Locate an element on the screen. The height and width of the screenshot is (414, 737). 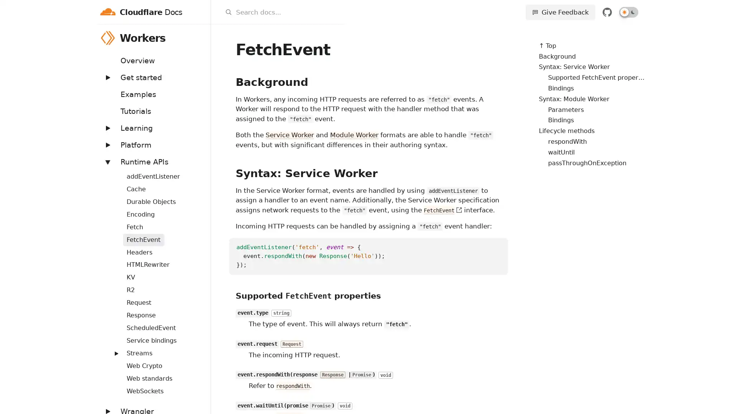
Expand: Workers Sites is located at coordinates (112, 349).